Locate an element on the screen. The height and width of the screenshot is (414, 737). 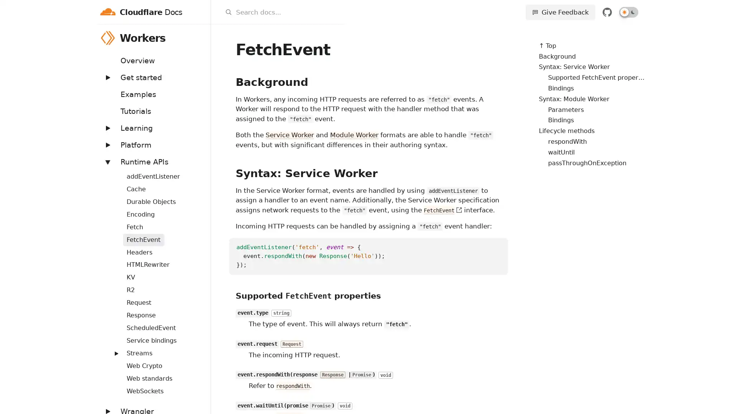
Expand: Workers Sites is located at coordinates (112, 349).